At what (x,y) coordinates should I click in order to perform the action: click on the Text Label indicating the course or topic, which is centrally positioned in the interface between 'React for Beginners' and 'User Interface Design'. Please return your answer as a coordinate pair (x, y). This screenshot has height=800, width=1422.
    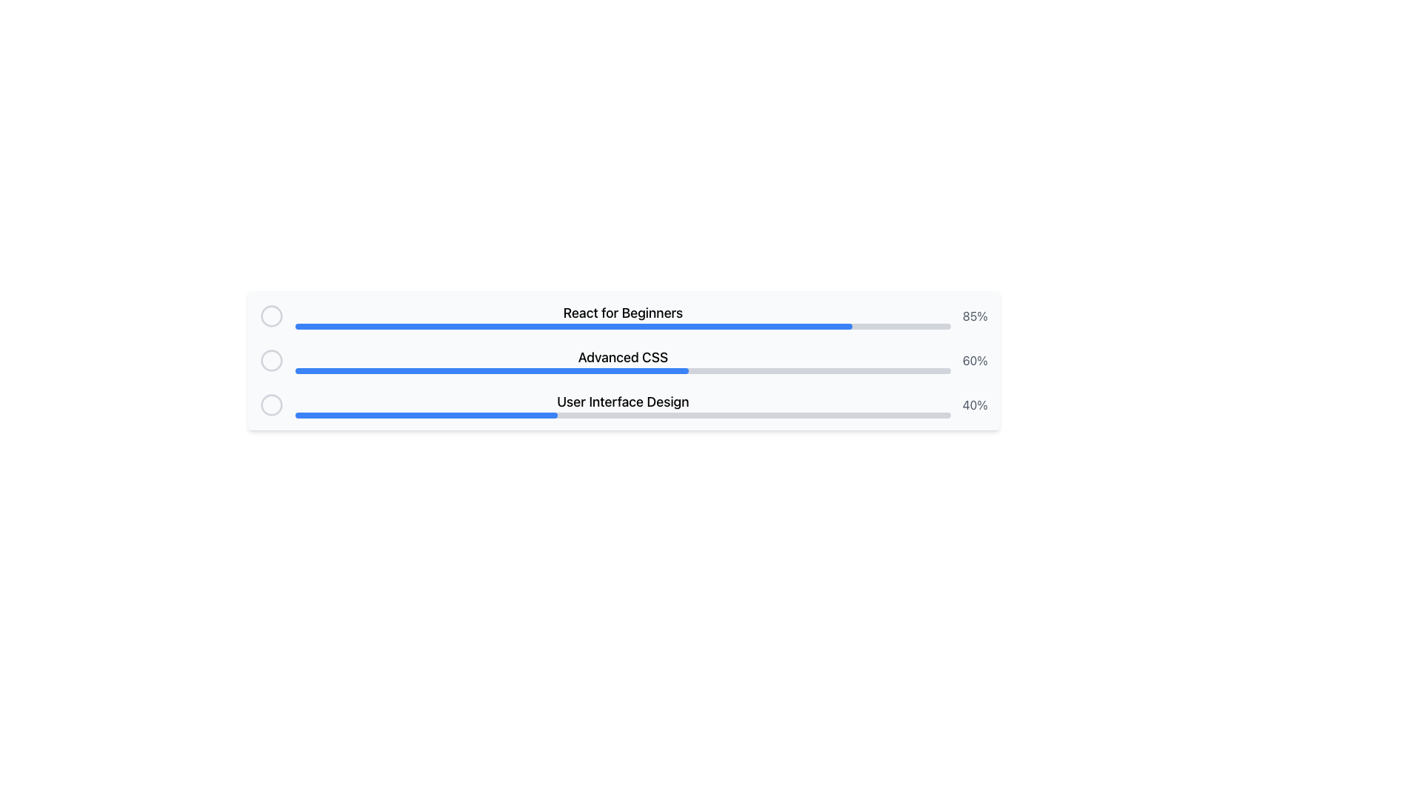
    Looking at the image, I should click on (623, 357).